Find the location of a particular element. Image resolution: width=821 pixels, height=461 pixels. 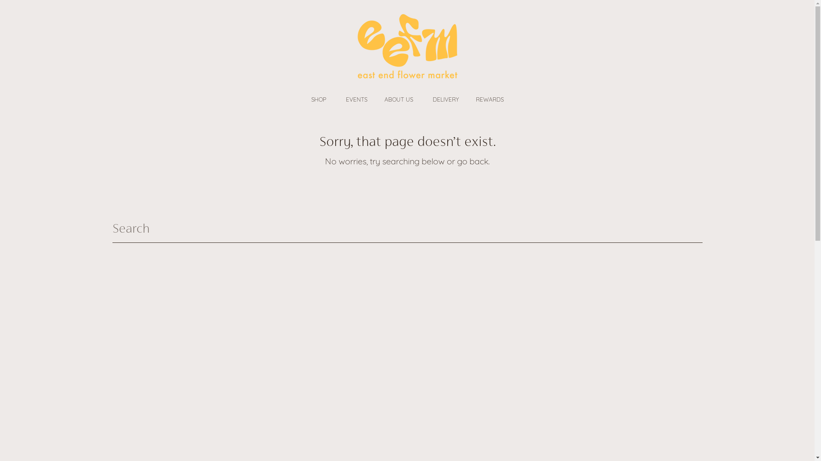

'ABOUT US' is located at coordinates (399, 99).